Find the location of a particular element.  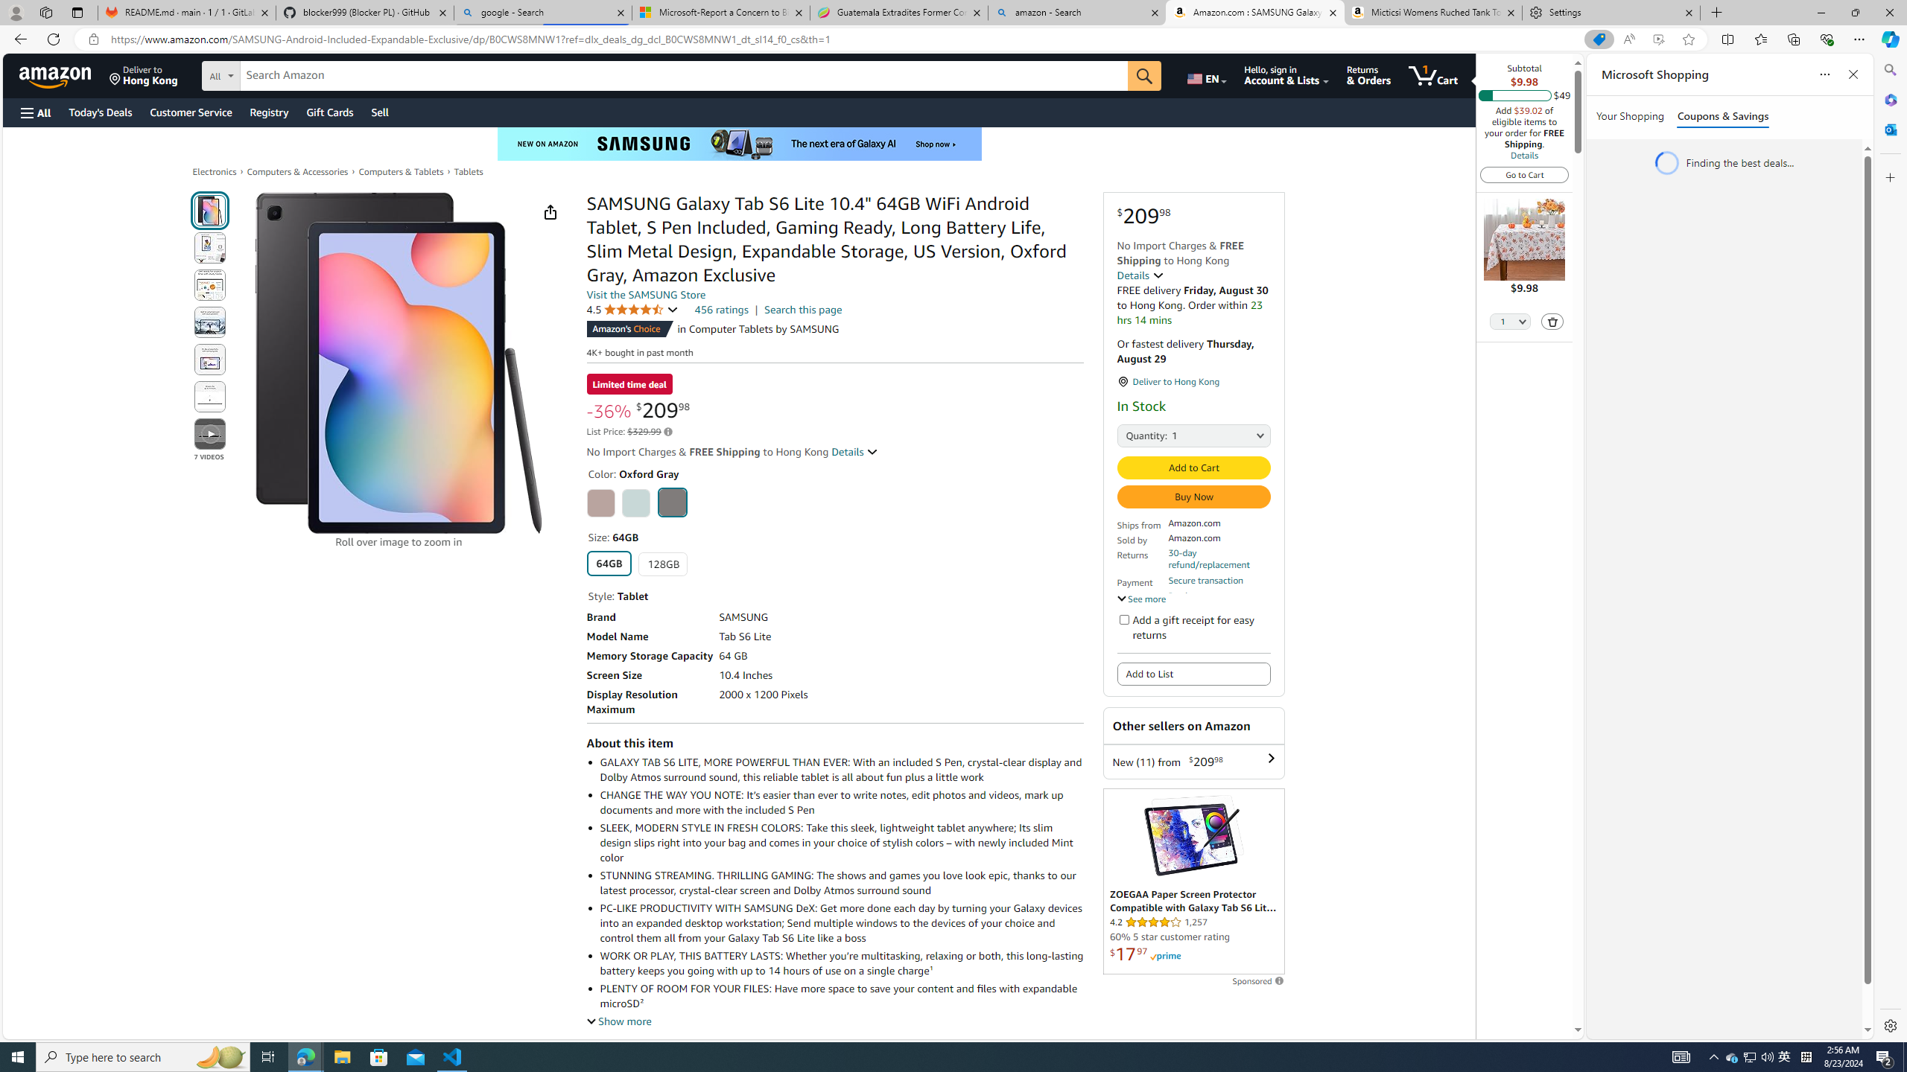

'Computers & Accessories' is located at coordinates (297, 170).